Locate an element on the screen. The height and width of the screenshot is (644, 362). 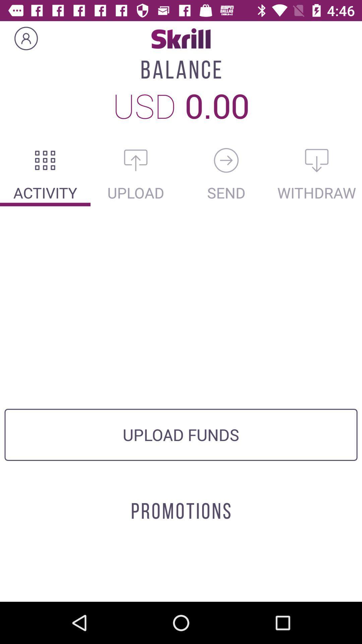
download option is located at coordinates (317, 160).